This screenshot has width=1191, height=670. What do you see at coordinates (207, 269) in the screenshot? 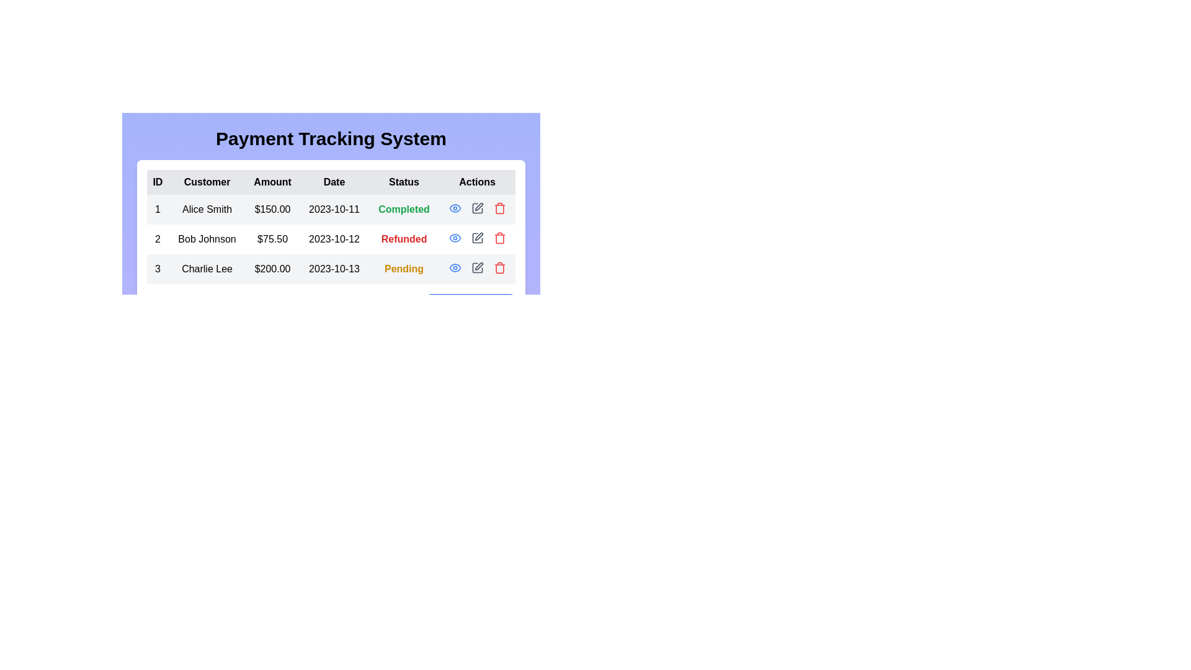
I see `the text label 'Charlie Lee' located in the second column under 'Customer' in the Payment Tracking System interface, specifically in the table row corresponding to ID 3` at bounding box center [207, 269].